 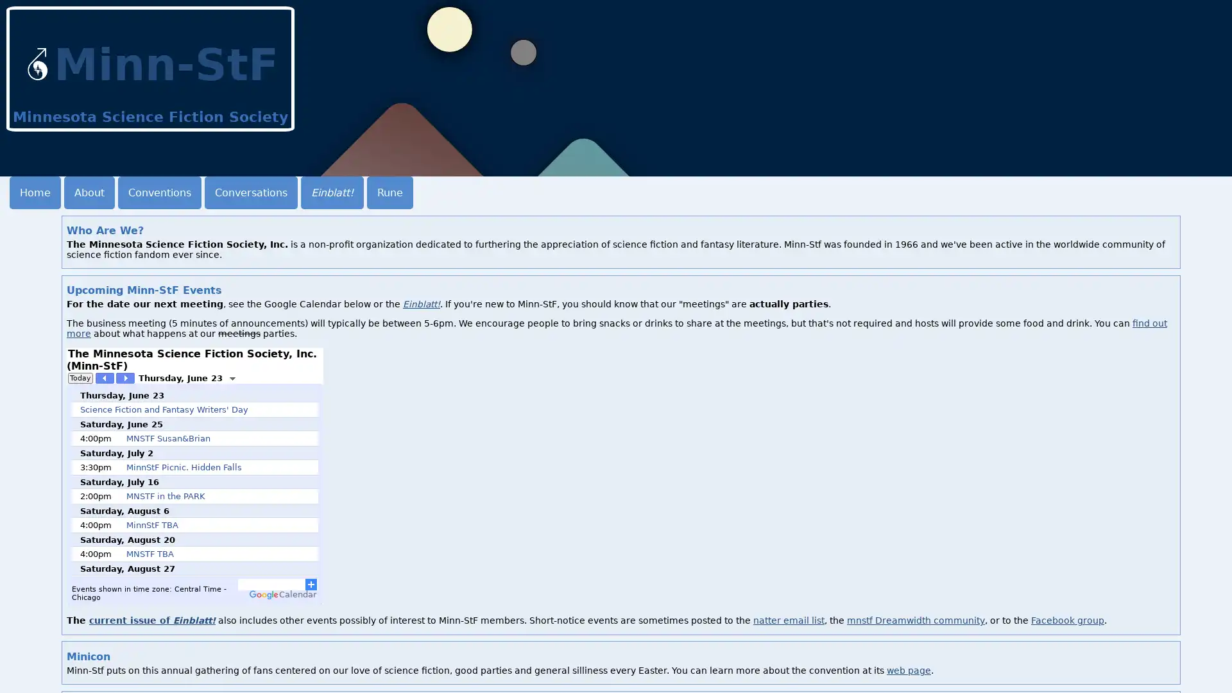 What do you see at coordinates (389, 193) in the screenshot?
I see `Rune` at bounding box center [389, 193].